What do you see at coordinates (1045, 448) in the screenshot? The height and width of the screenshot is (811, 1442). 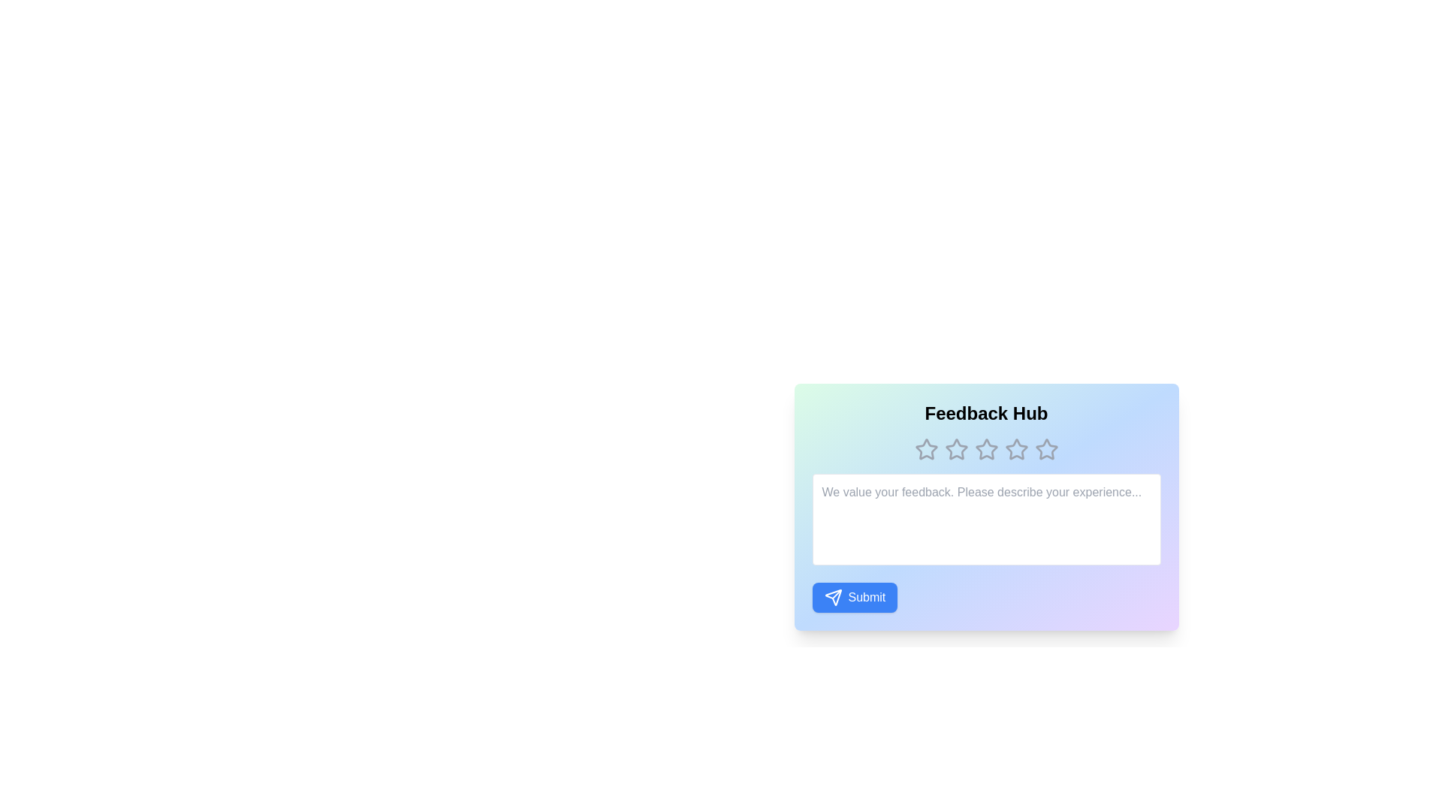 I see `the star corresponding to 5 to preview selection` at bounding box center [1045, 448].